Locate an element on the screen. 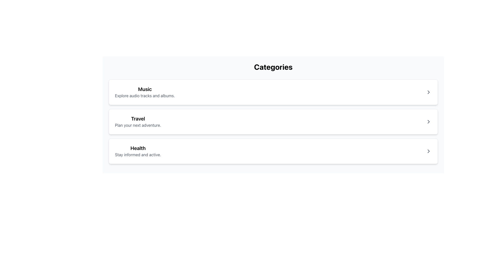 The width and height of the screenshot is (481, 270). the 'Health' text label, which is a prominent heading styled in a larger and bold font, located under the 'Categories' section as the heading of the third card is located at coordinates (138, 148).